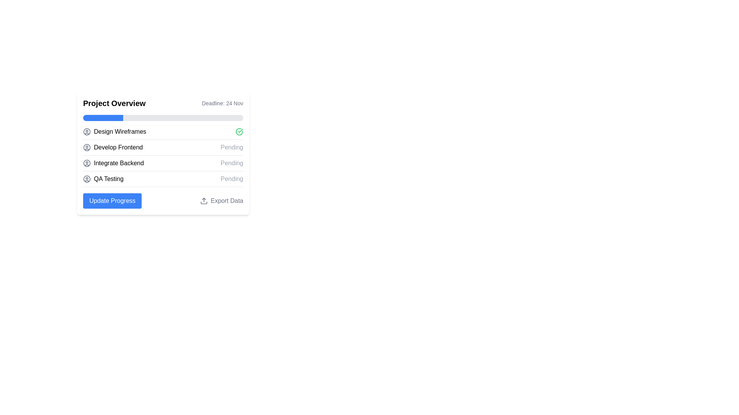 Image resolution: width=739 pixels, height=415 pixels. I want to click on the user icon which is an outlined circular avatar styled in gray, located to the left of the text 'Design Wireframes' in the first row of the task list, so click(87, 131).